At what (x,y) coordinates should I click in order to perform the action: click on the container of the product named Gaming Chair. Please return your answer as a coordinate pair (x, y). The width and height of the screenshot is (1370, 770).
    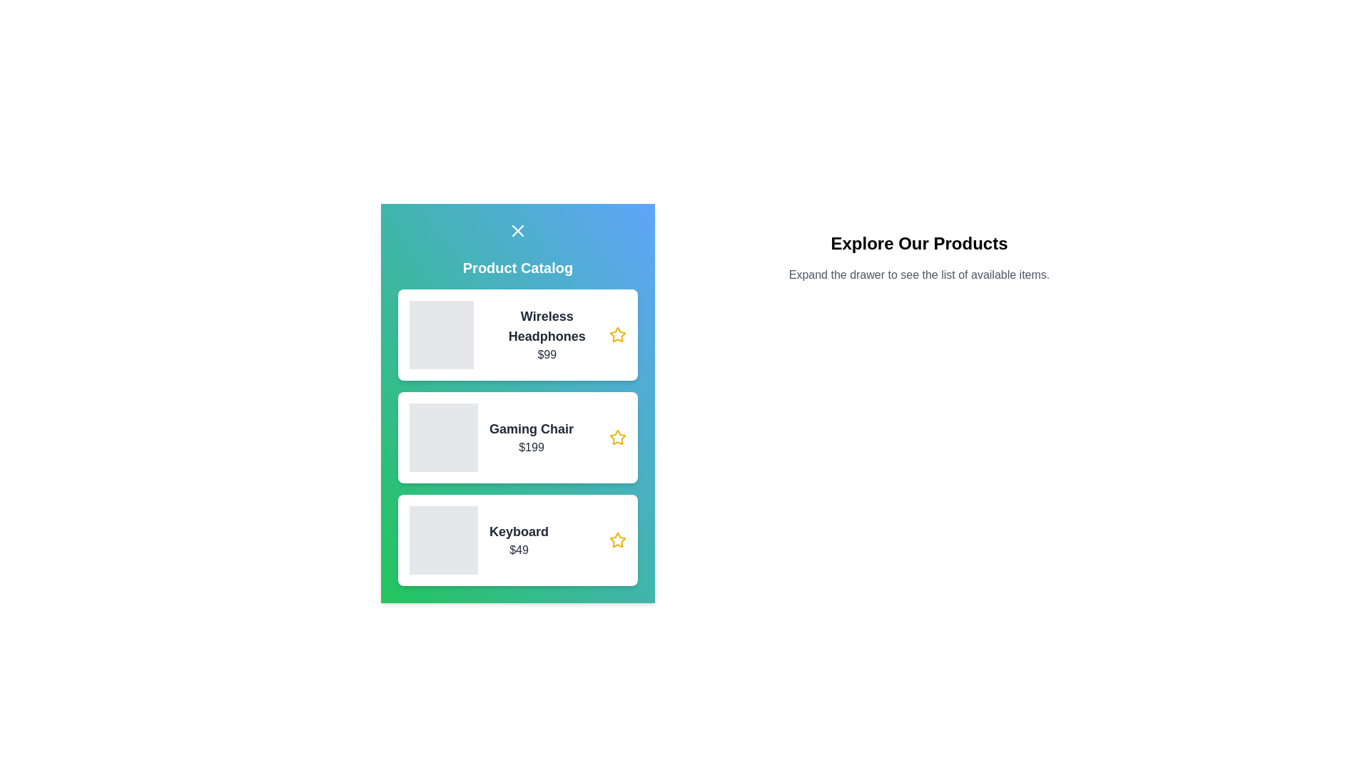
    Looking at the image, I should click on (517, 436).